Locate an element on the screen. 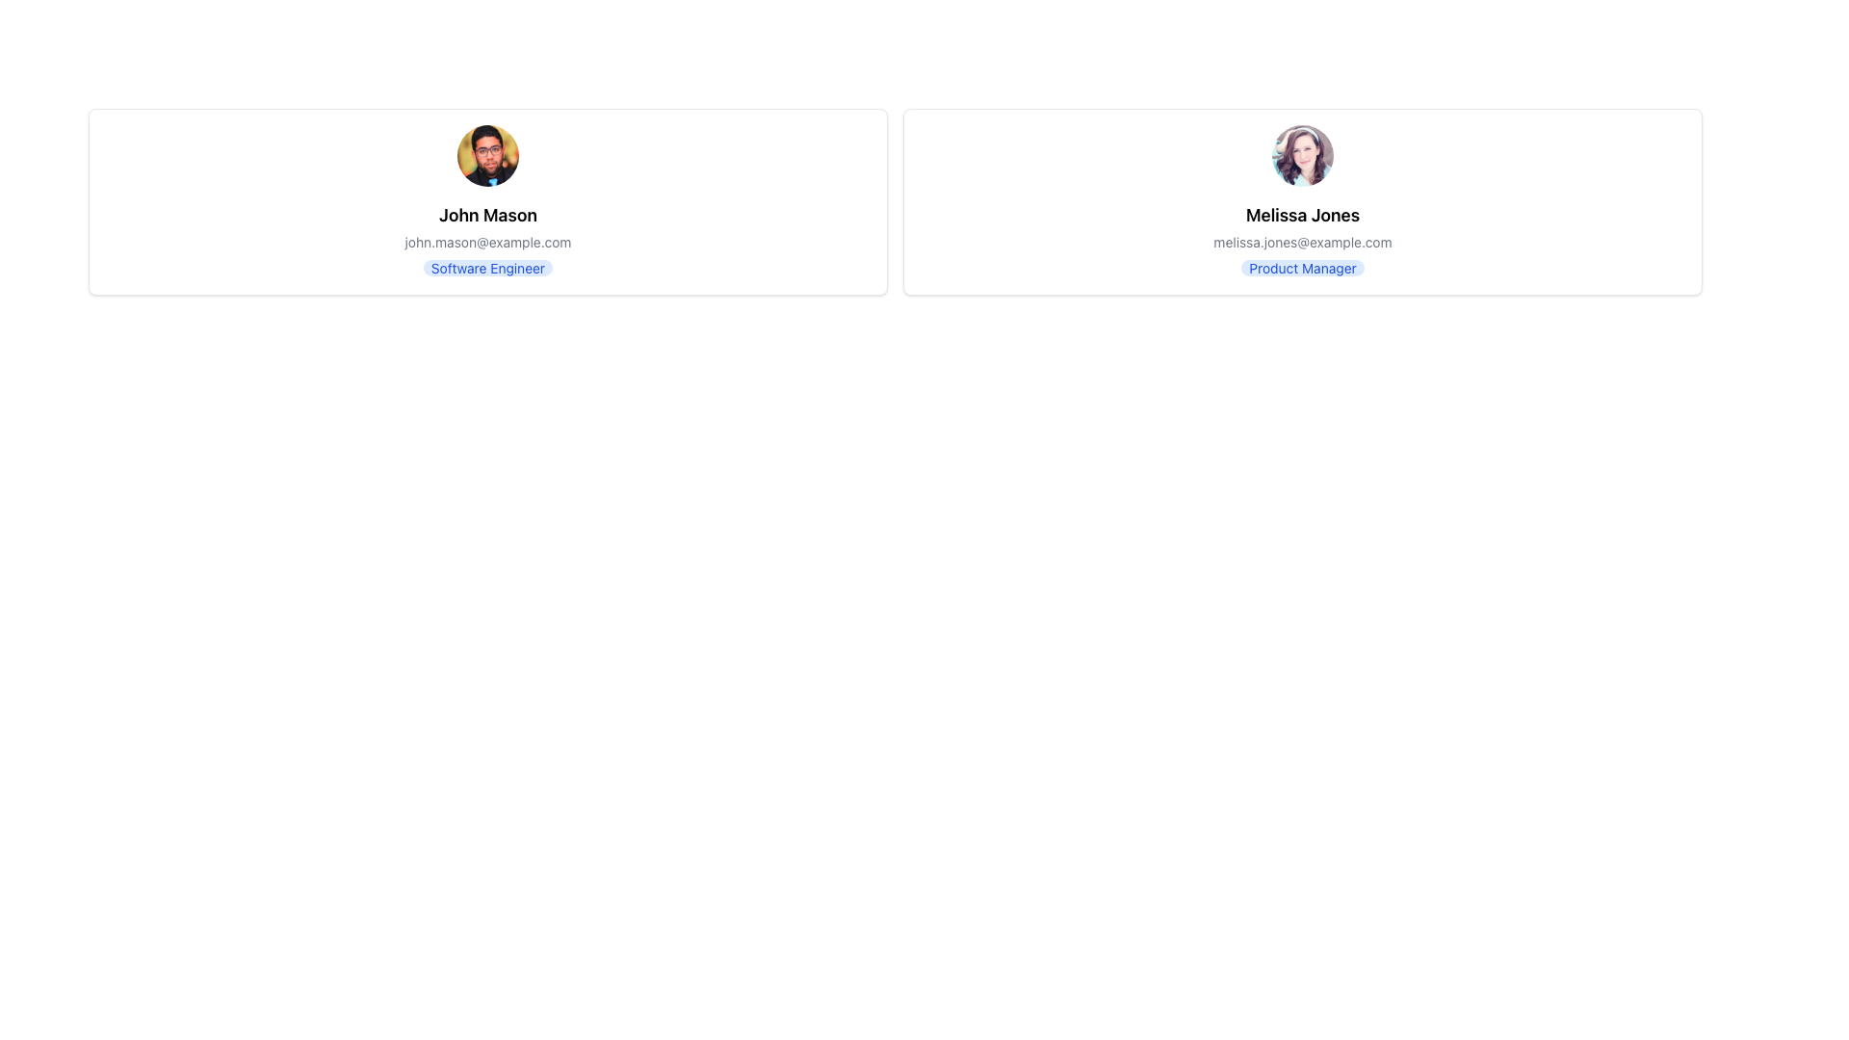  text element displaying the name 'Melissa Jones', which is prominently positioned beneath a circular profile picture and above additional user information is located at coordinates (1303, 215).